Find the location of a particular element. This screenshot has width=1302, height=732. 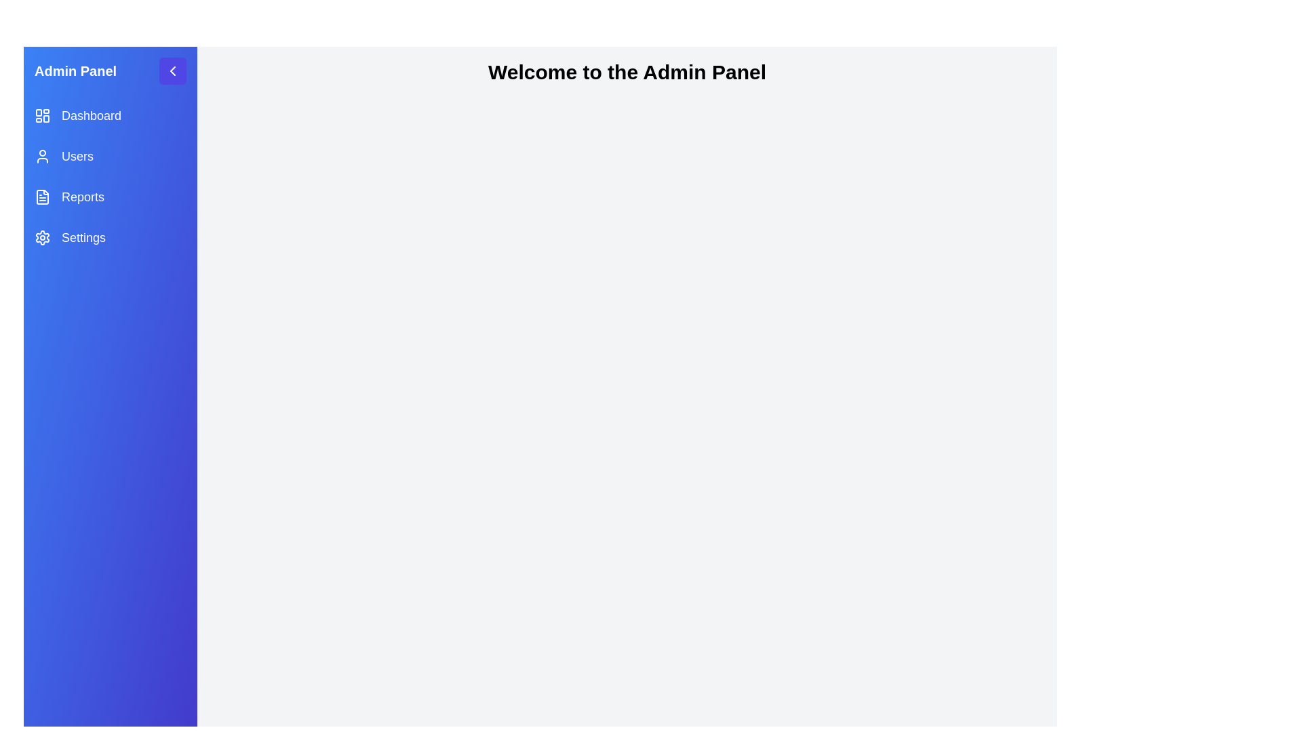

'Settings' label located in the vertical navigation menu on the left side of the interface, positioned below the 'Admin Panel' heading is located at coordinates (83, 237).